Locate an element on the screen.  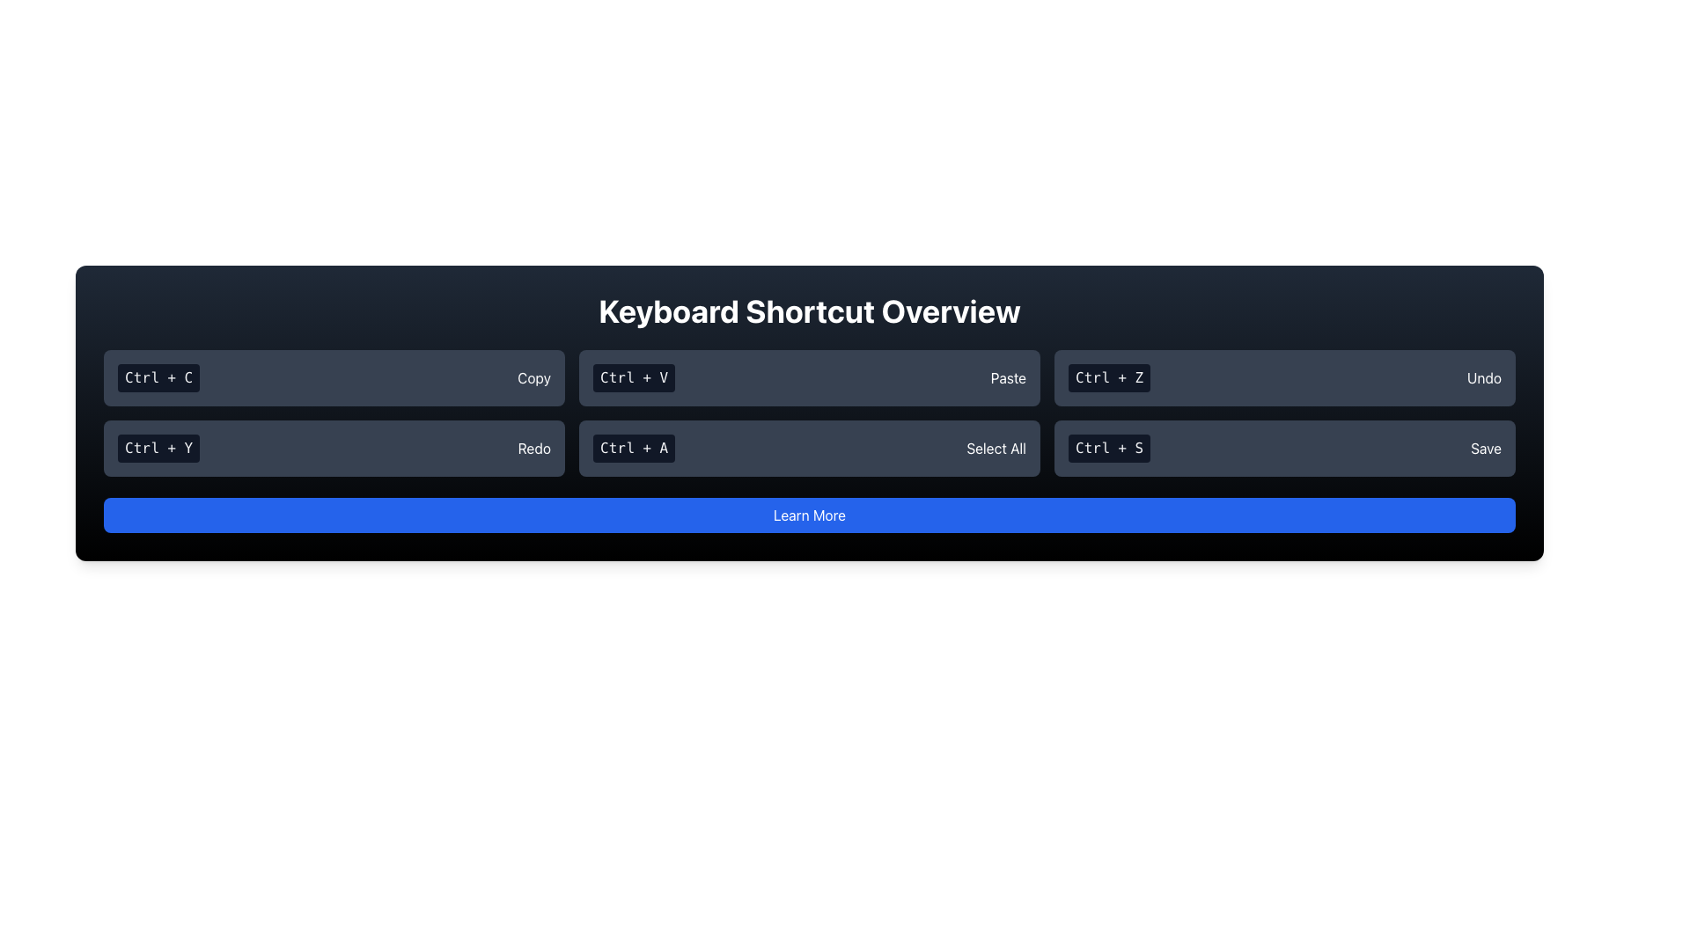
the 'Paste' text label, which is displayed in white against a dark gray background, located in the upper section of the interface next to the 'Ctrl + V' shortcut is located at coordinates (1008, 376).